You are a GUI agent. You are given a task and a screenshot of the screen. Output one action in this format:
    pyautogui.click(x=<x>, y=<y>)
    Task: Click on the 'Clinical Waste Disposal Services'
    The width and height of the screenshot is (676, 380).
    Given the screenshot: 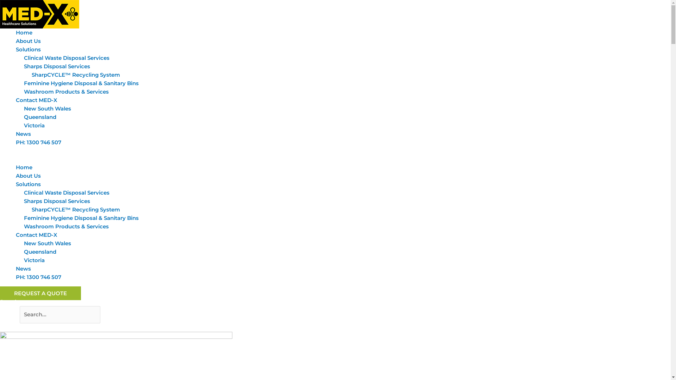 What is the action you would take?
    pyautogui.click(x=24, y=192)
    